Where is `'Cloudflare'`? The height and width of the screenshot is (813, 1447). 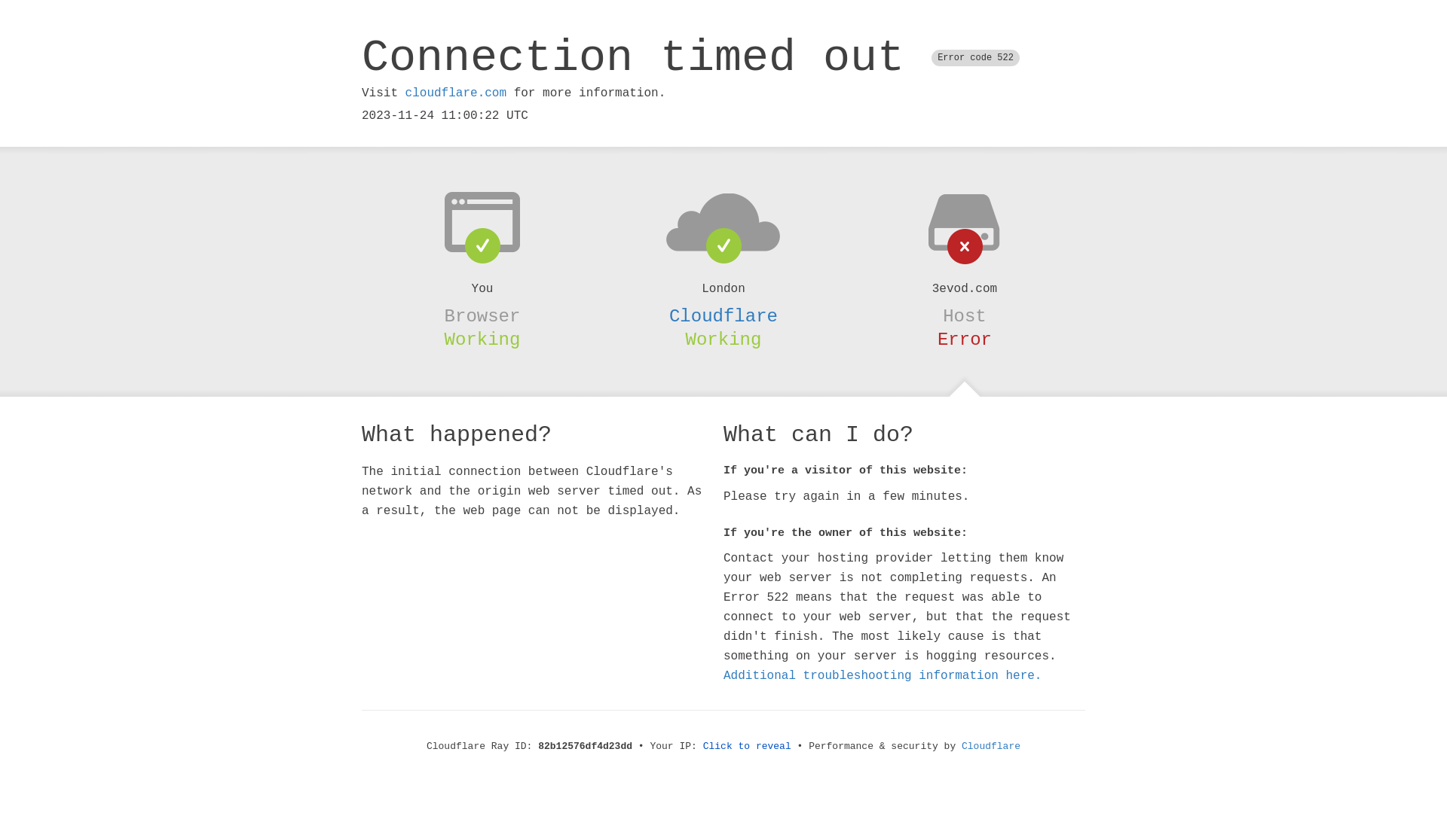 'Cloudflare' is located at coordinates (723, 315).